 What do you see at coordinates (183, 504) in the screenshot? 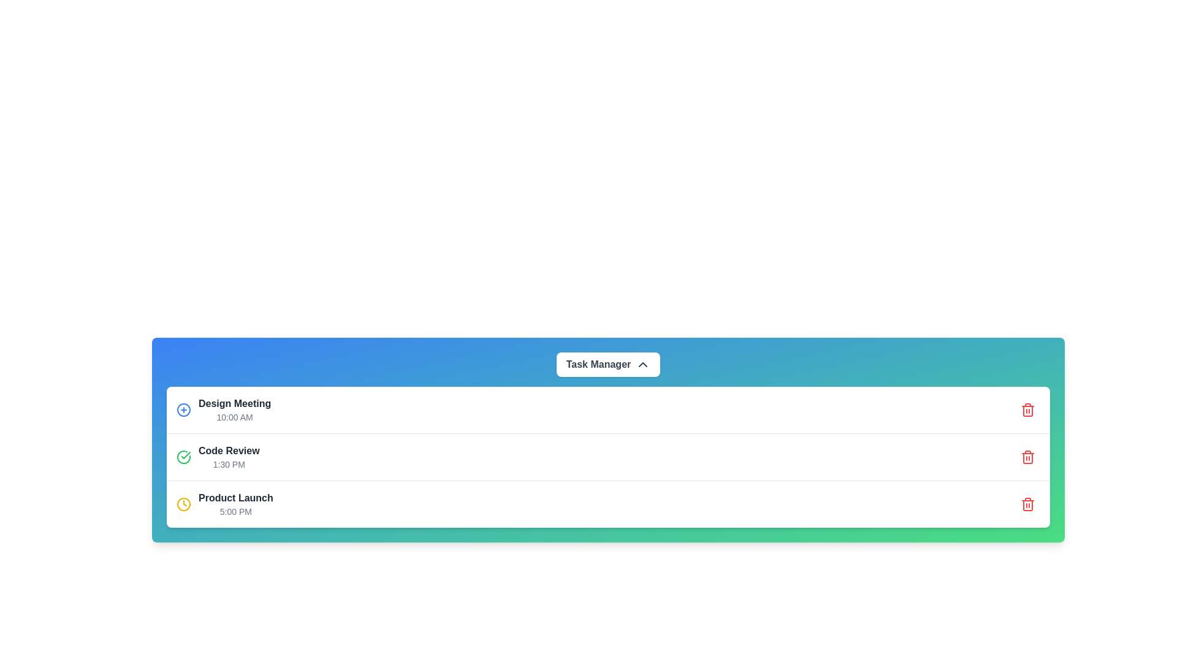
I see `the clock icon located to the left of the text 'Product Launch', which indicates the time '5:00 PM'` at bounding box center [183, 504].